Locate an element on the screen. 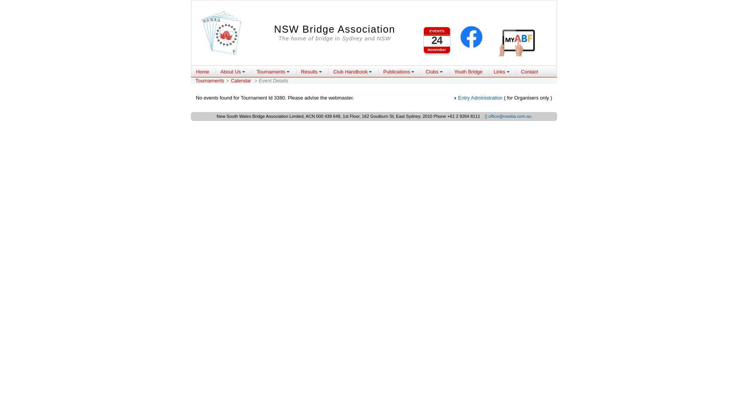  'Tournaments' is located at coordinates (209, 80).